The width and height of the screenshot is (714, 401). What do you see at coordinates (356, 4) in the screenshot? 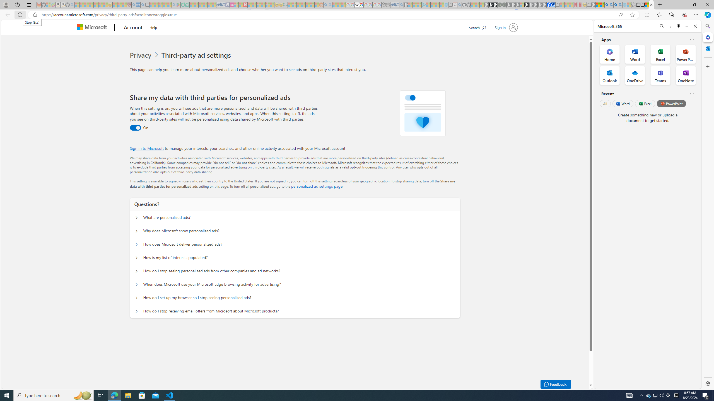
I see `'Target page - Wikipedia'` at bounding box center [356, 4].